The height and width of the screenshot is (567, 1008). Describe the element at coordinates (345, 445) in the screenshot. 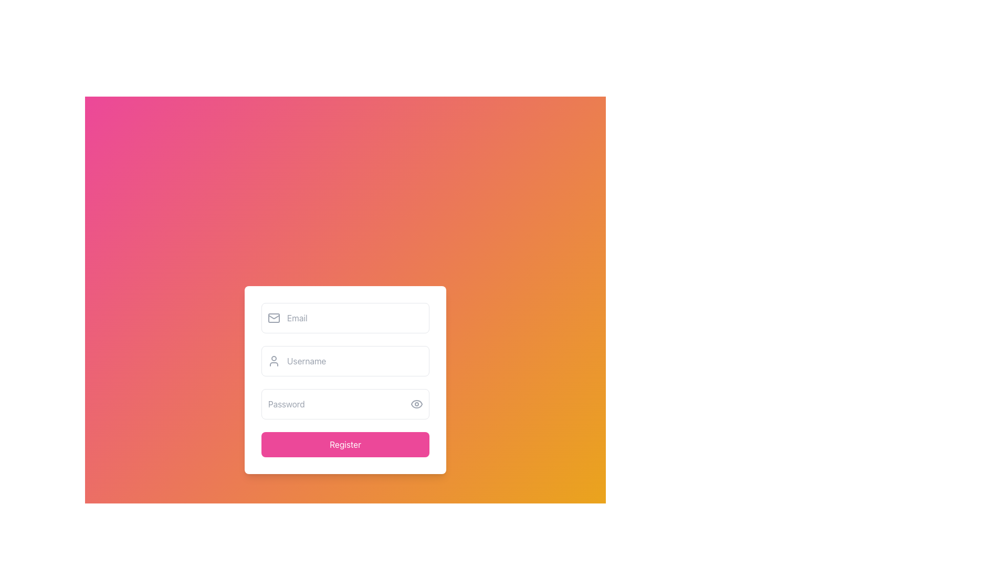

I see `the 'Register' button at the bottom of the form to trigger the hover effect` at that location.